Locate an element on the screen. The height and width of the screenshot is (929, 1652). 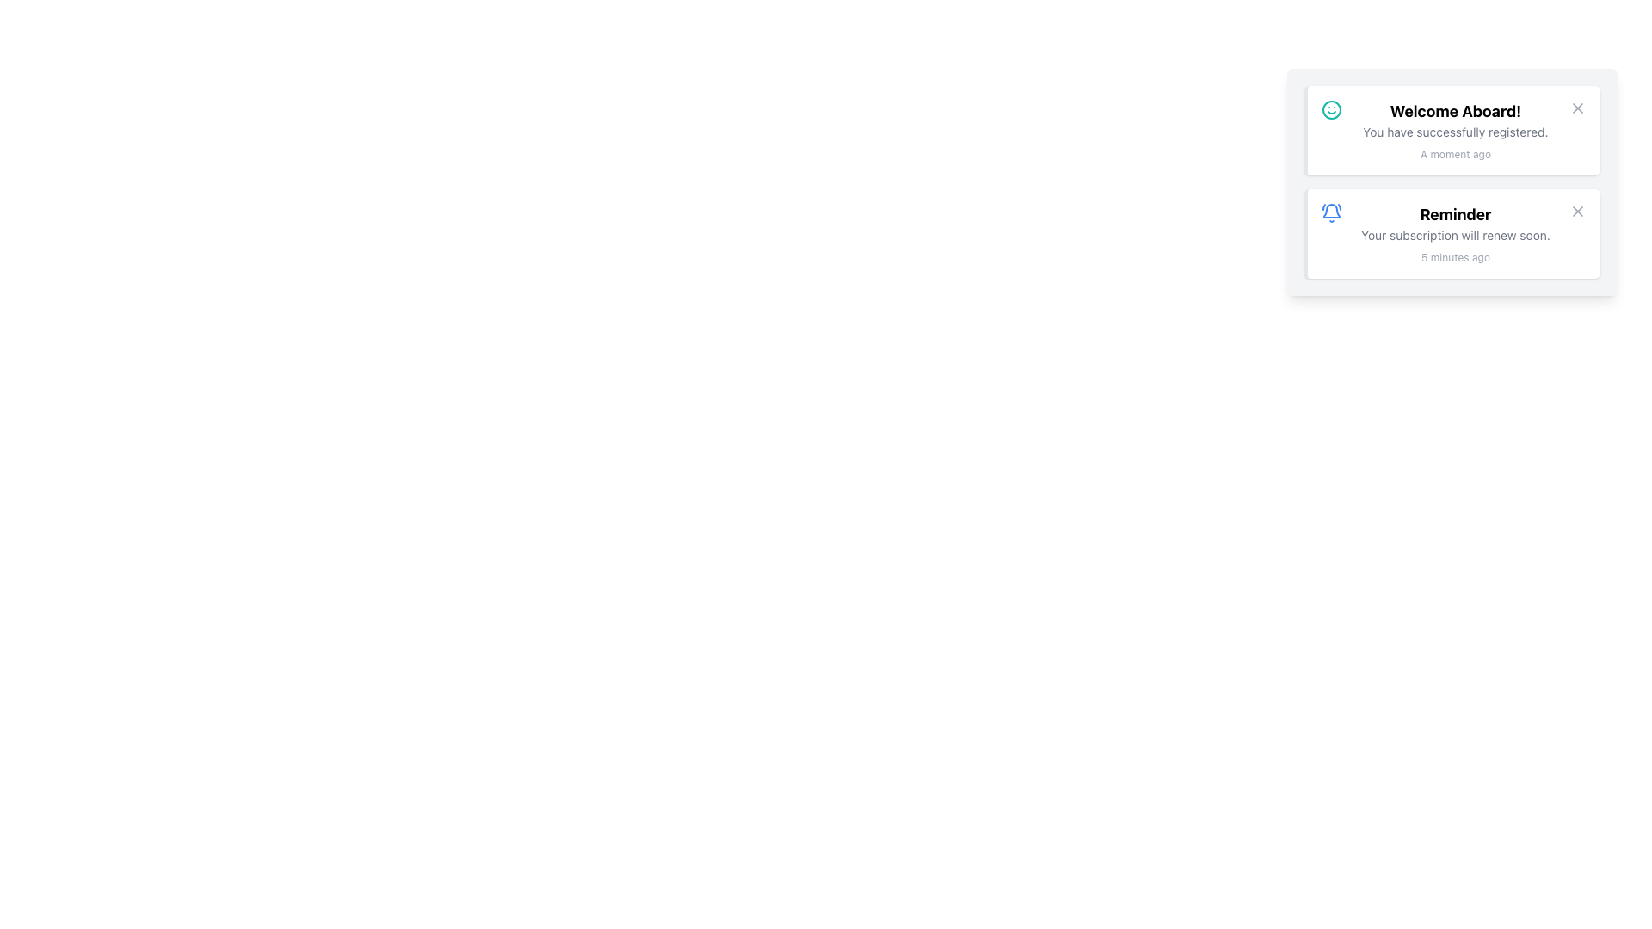
the static text element that contains the message 'Your subscription will renew soon.' located within the notification card below the title 'Reminder' is located at coordinates (1454, 235).